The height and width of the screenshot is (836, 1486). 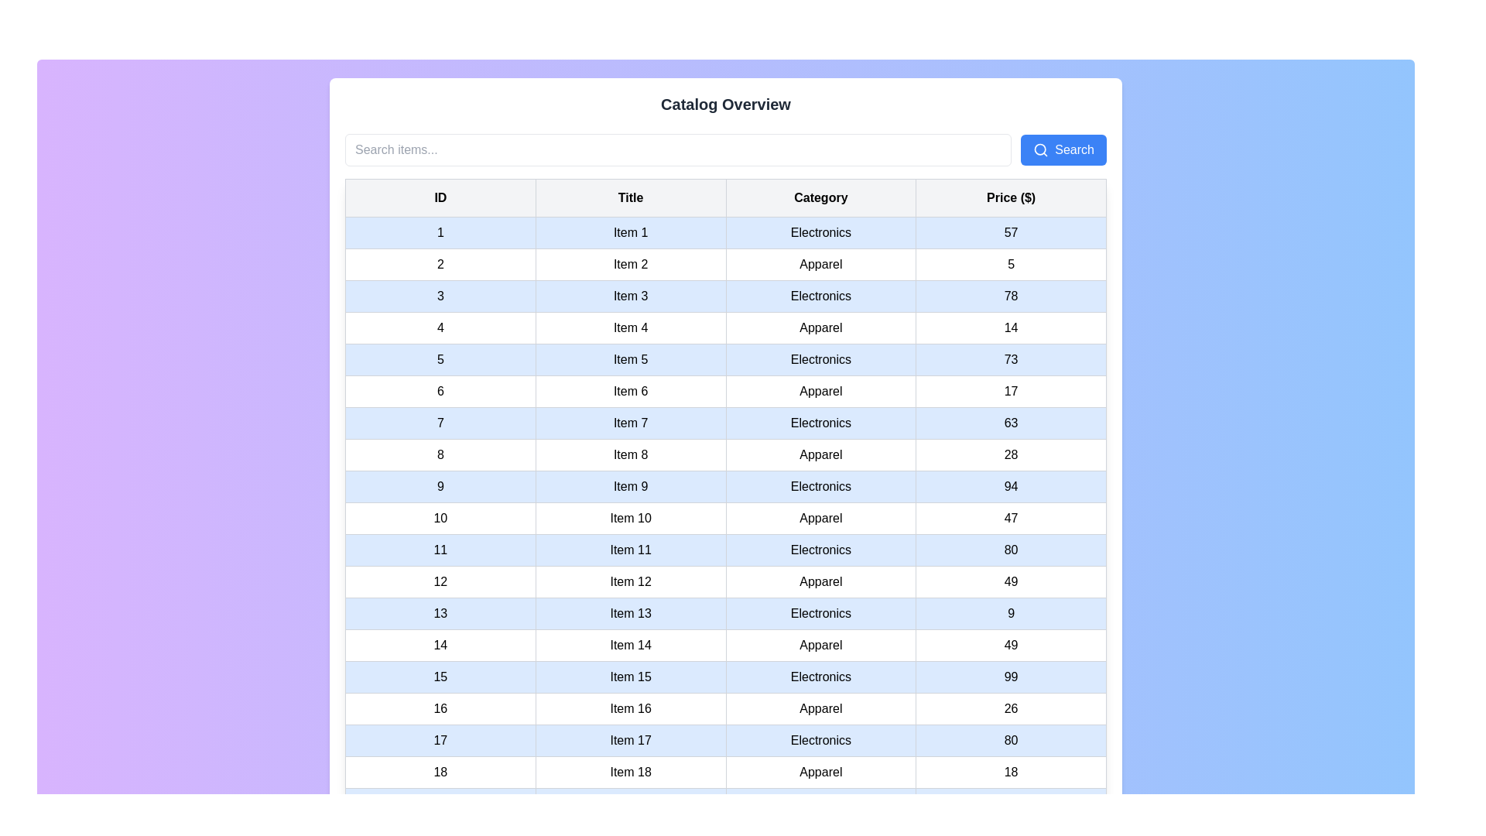 What do you see at coordinates (820, 645) in the screenshot?
I see `the table cell displaying 'Apparel' in the 'Category' column for 'Item 14'` at bounding box center [820, 645].